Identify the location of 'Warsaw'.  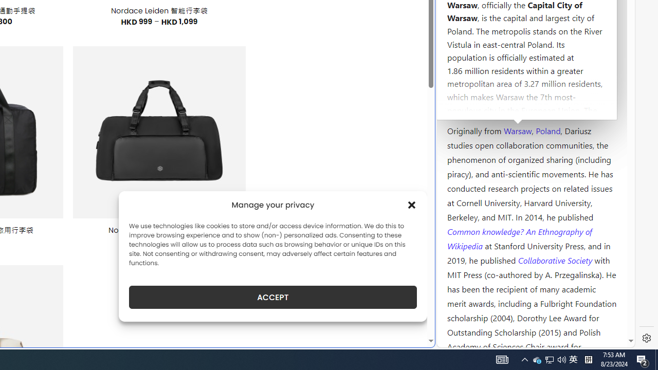
(517, 129).